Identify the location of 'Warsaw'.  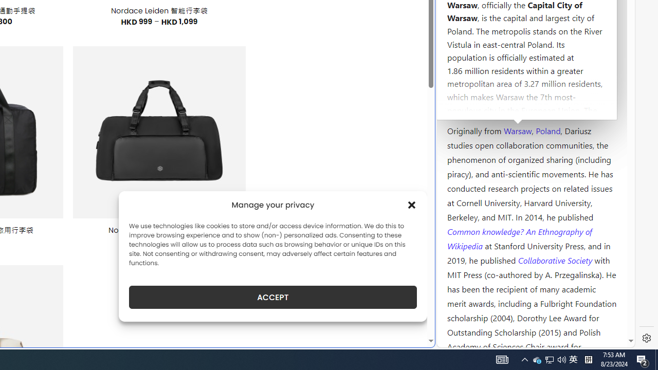
(517, 129).